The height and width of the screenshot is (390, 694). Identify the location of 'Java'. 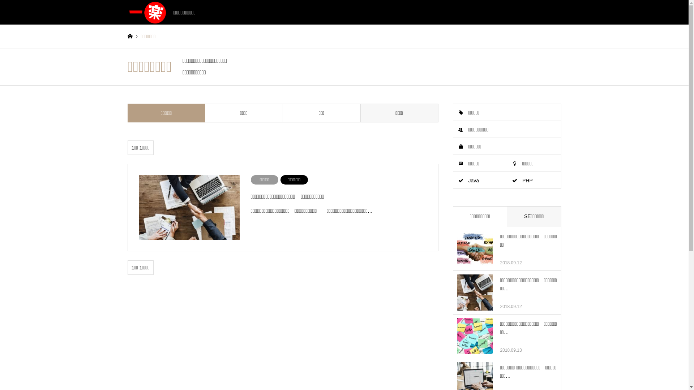
(480, 180).